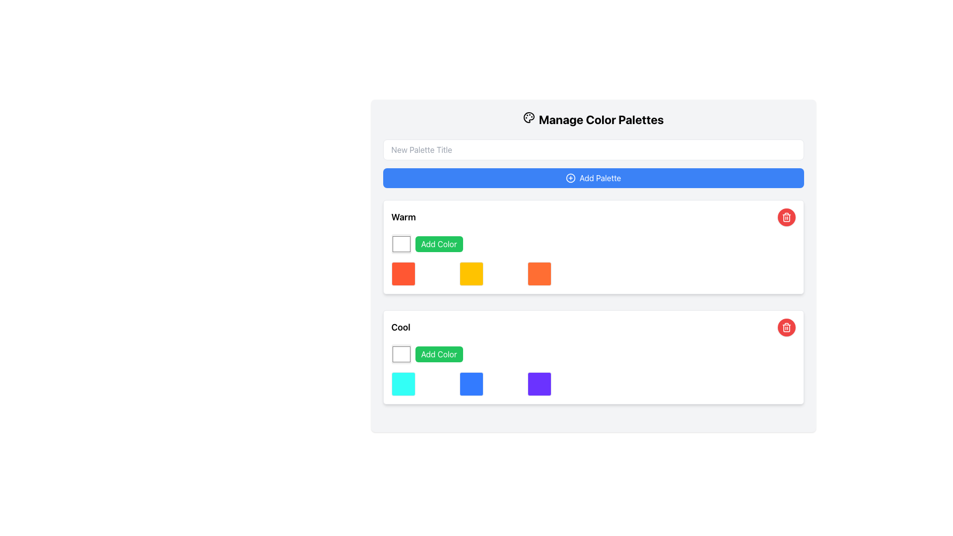 This screenshot has width=953, height=536. What do you see at coordinates (786, 217) in the screenshot?
I see `the circular red button with a white trash can icon located in the top-right corner of the 'Warm' color palette section` at bounding box center [786, 217].